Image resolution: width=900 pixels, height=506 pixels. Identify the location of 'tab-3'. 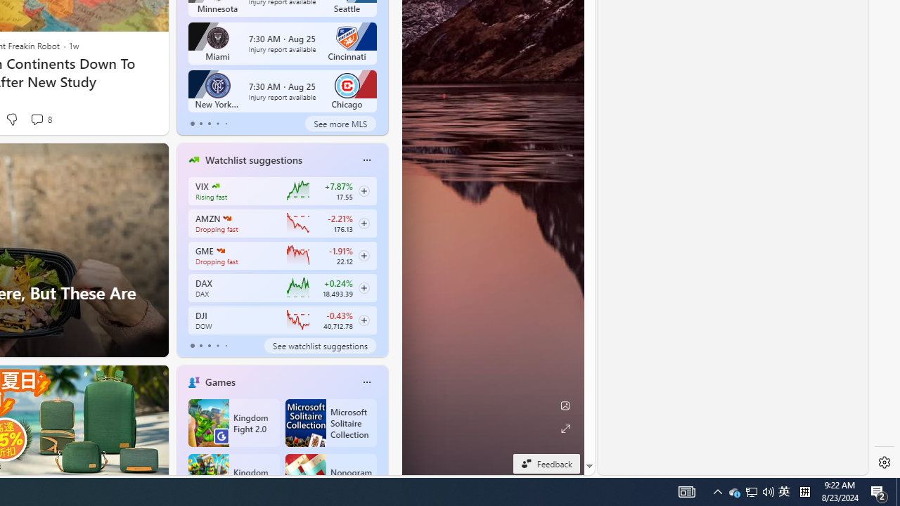
(217, 346).